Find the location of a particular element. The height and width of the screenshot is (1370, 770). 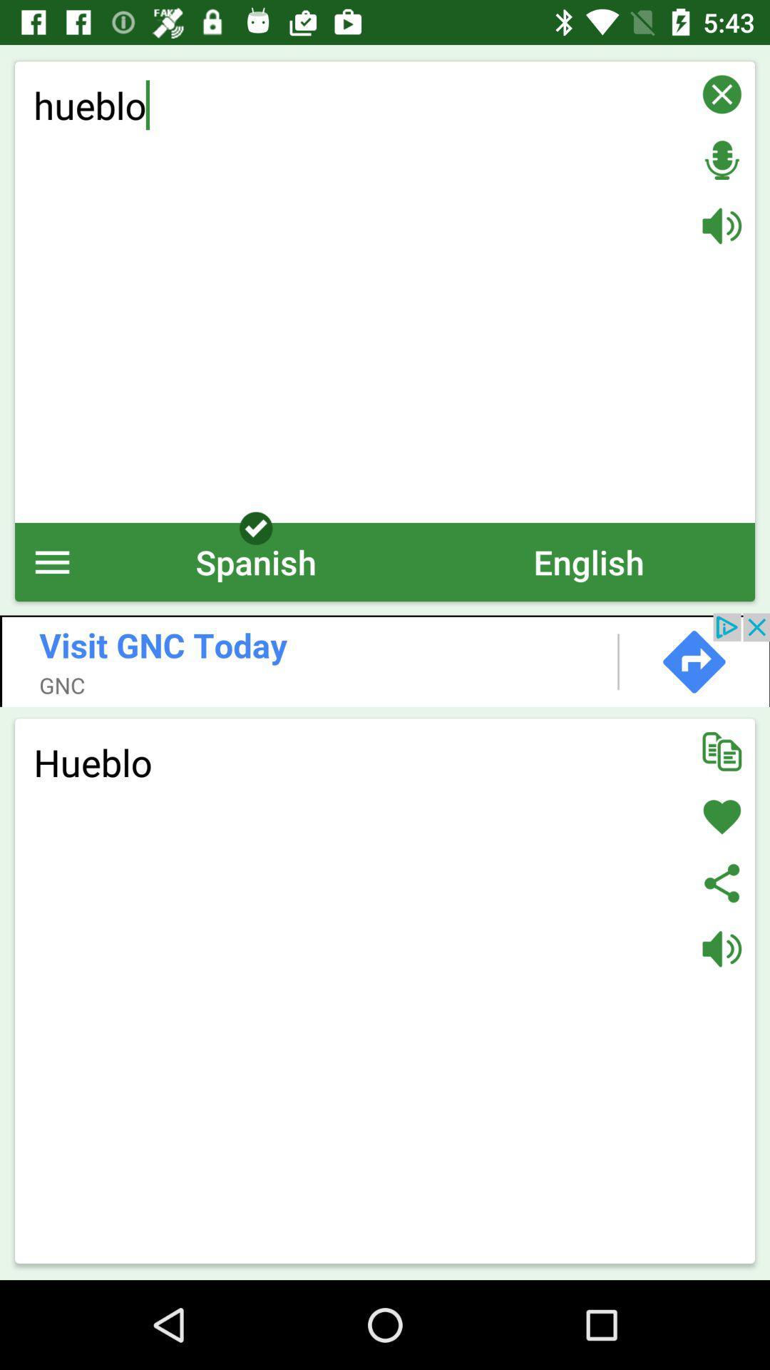

like is located at coordinates (722, 817).